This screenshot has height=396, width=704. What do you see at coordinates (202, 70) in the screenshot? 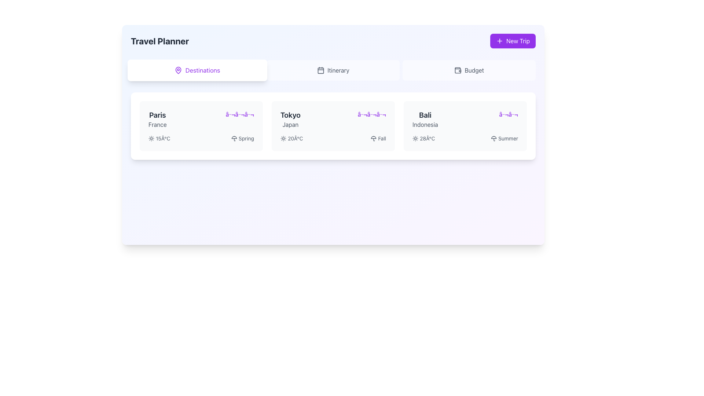
I see `the 'Destinations' text label, which serves as a navigation or filter option within the Travel Planner interface` at bounding box center [202, 70].